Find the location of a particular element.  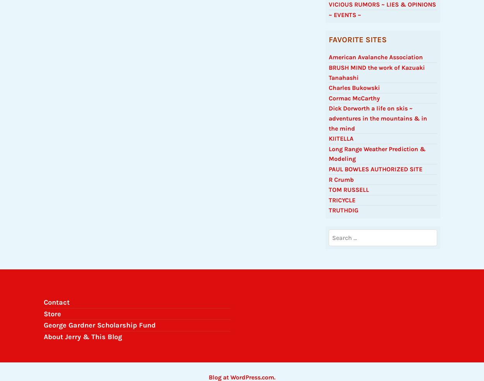

'Contact' is located at coordinates (57, 305).